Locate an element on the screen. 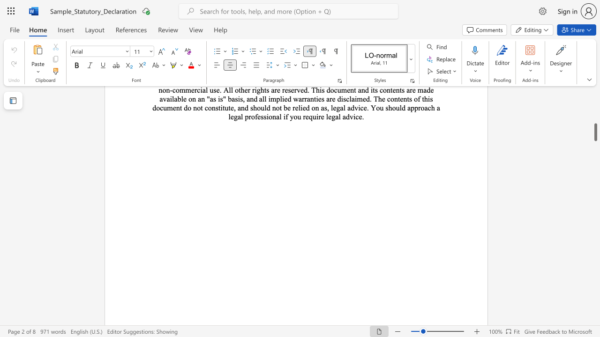 This screenshot has width=600, height=337. the side scrollbar to bring the page up is located at coordinates (595, 121).